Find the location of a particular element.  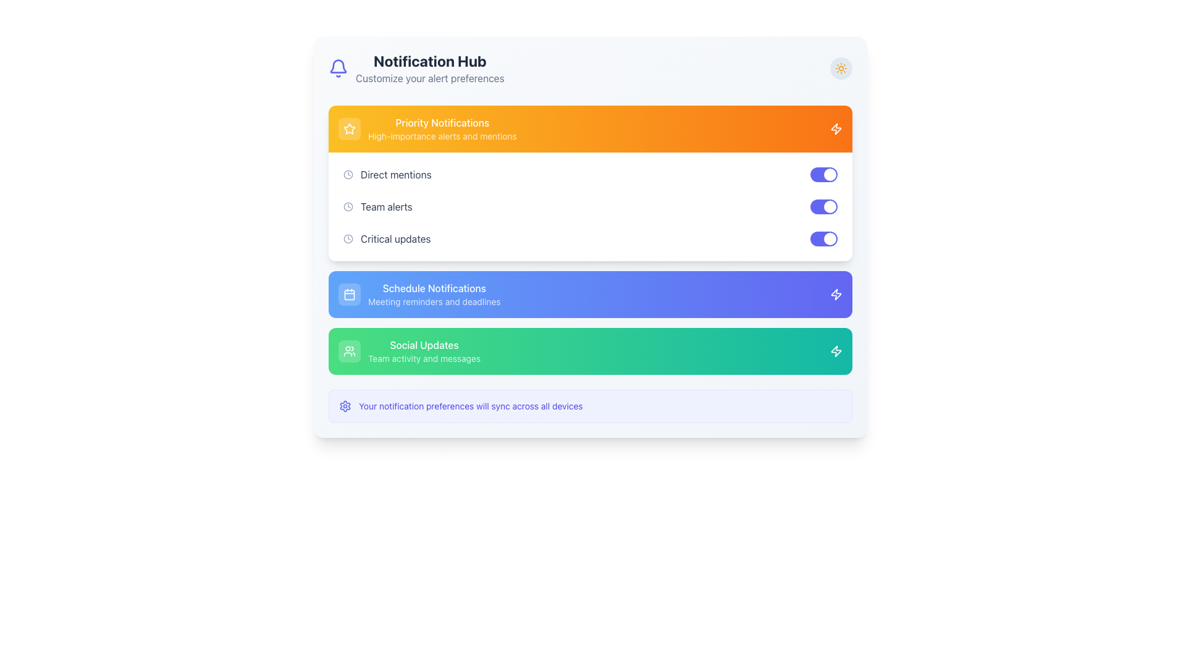

the star-shaped vector icon inside the frosted glass effect square located in the top-left section of the 'Priority Notifications' card, positioned left of the text 'Priority Notifications' is located at coordinates (349, 128).